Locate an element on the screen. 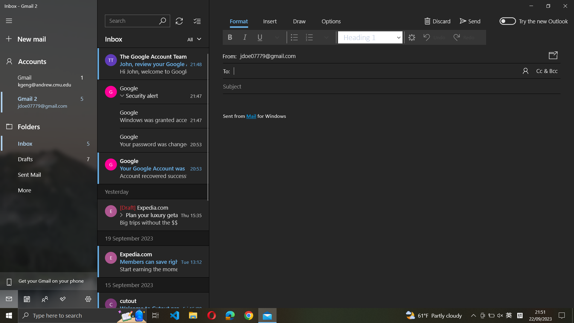  italic style to text is located at coordinates (244, 37).